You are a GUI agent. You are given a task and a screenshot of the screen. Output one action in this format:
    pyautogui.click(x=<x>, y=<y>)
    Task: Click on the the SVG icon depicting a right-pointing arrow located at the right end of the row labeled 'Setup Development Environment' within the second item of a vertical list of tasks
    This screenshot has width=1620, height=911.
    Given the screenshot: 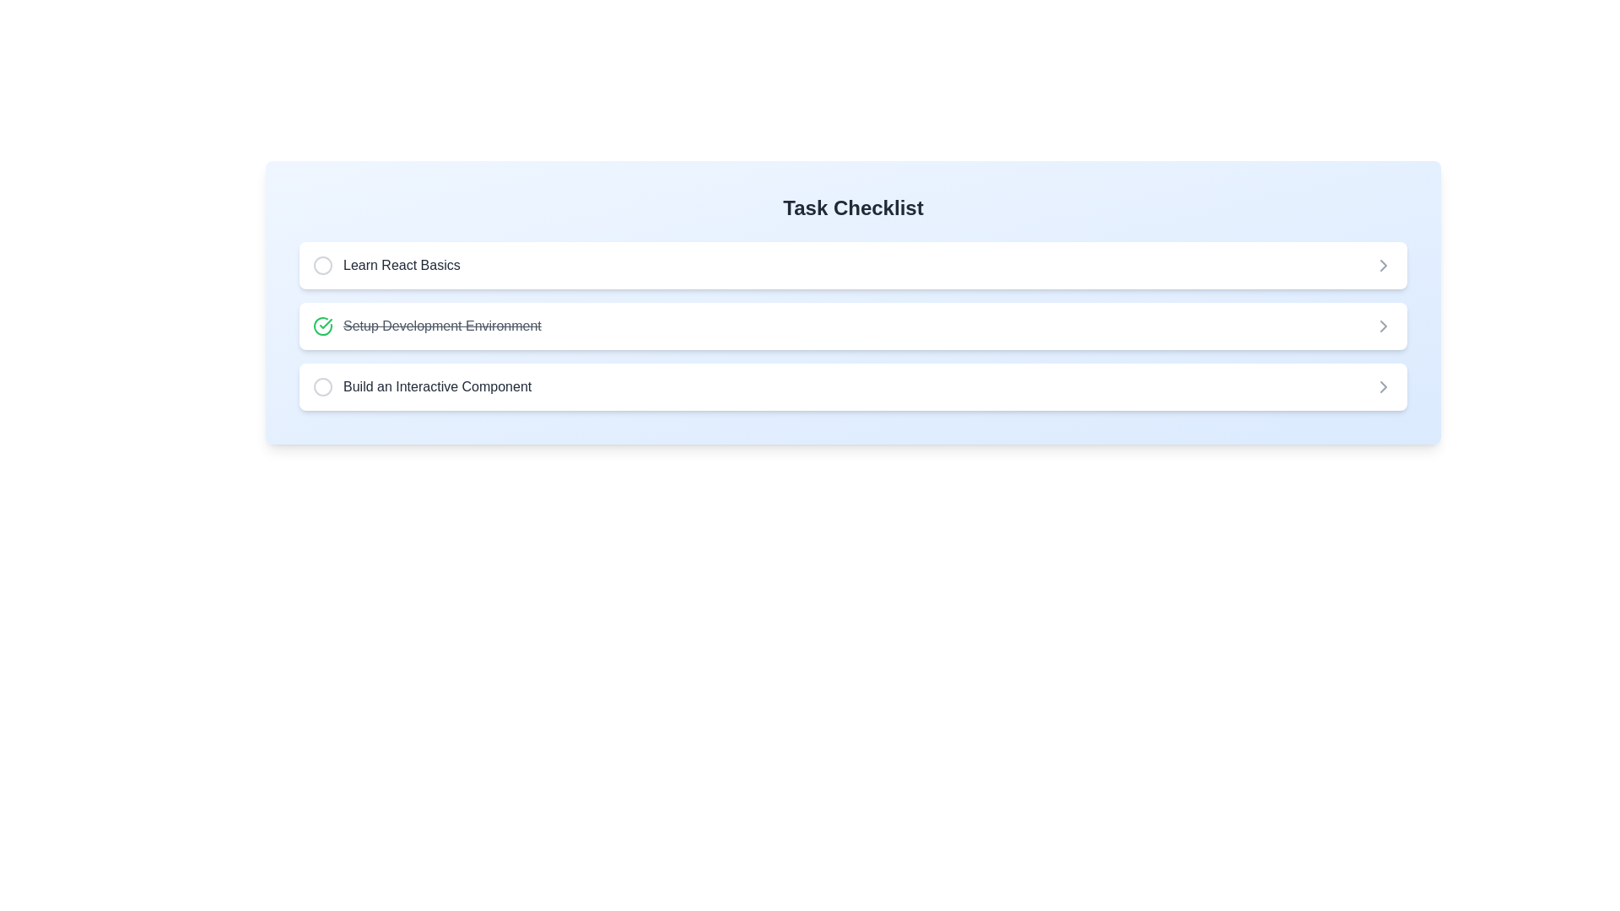 What is the action you would take?
    pyautogui.click(x=1384, y=326)
    